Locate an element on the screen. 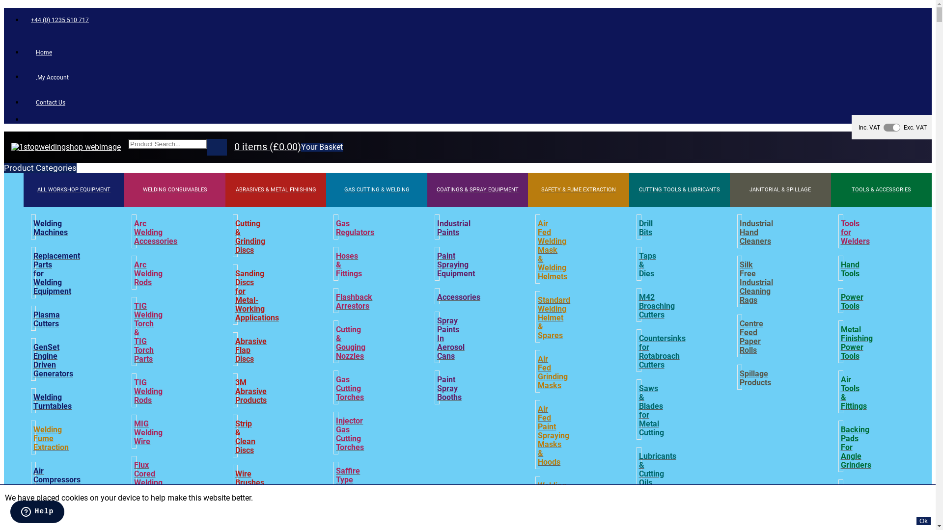 This screenshot has height=530, width=943. 'ALL WORKSHOP EQUIPMENT' is located at coordinates (73, 189).